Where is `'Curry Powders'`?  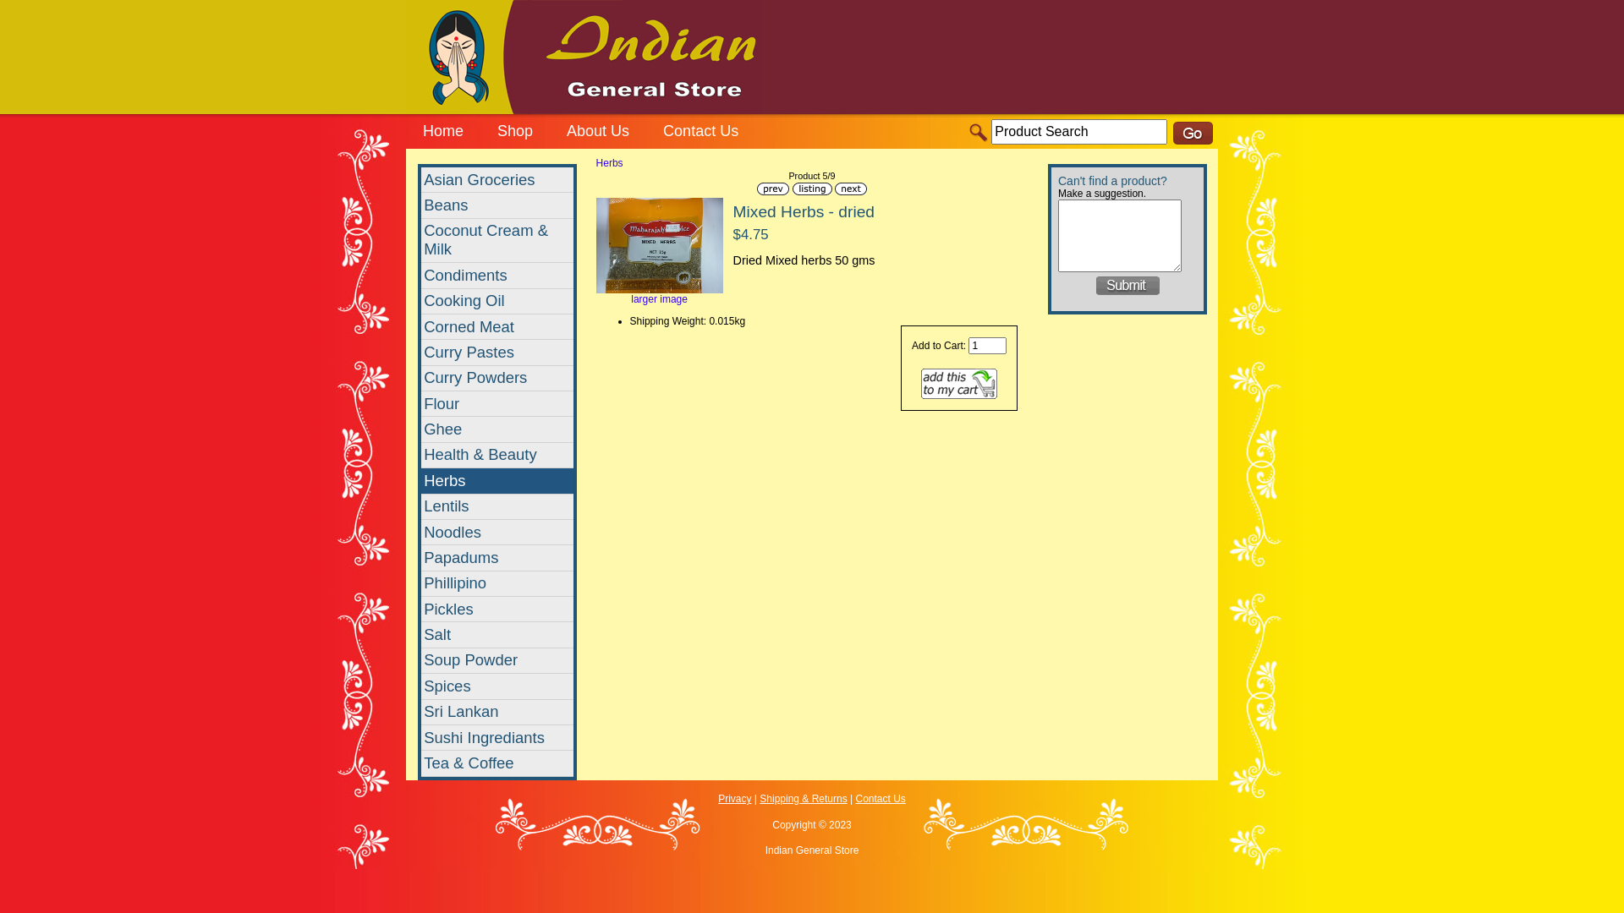 'Curry Powders' is located at coordinates (497, 377).